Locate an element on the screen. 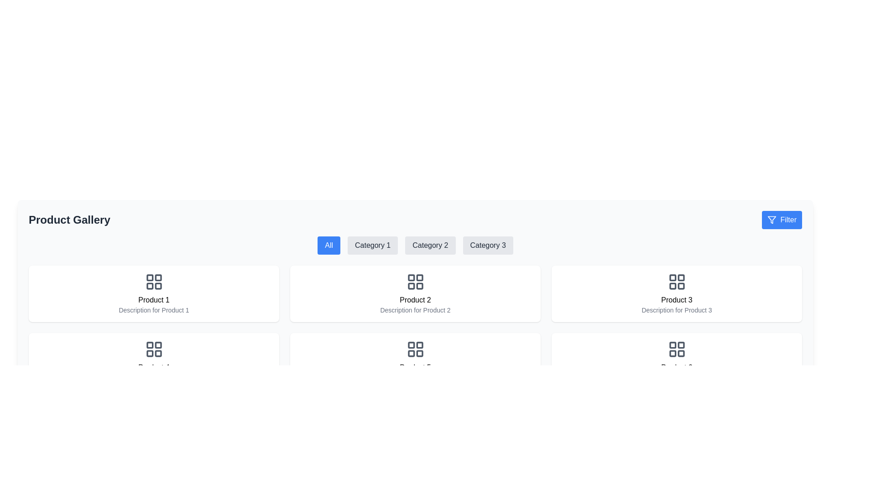 The image size is (876, 492). the bottom-left square icon in the 2x2 grid that visually represents 'Product 4' is located at coordinates (673, 353).